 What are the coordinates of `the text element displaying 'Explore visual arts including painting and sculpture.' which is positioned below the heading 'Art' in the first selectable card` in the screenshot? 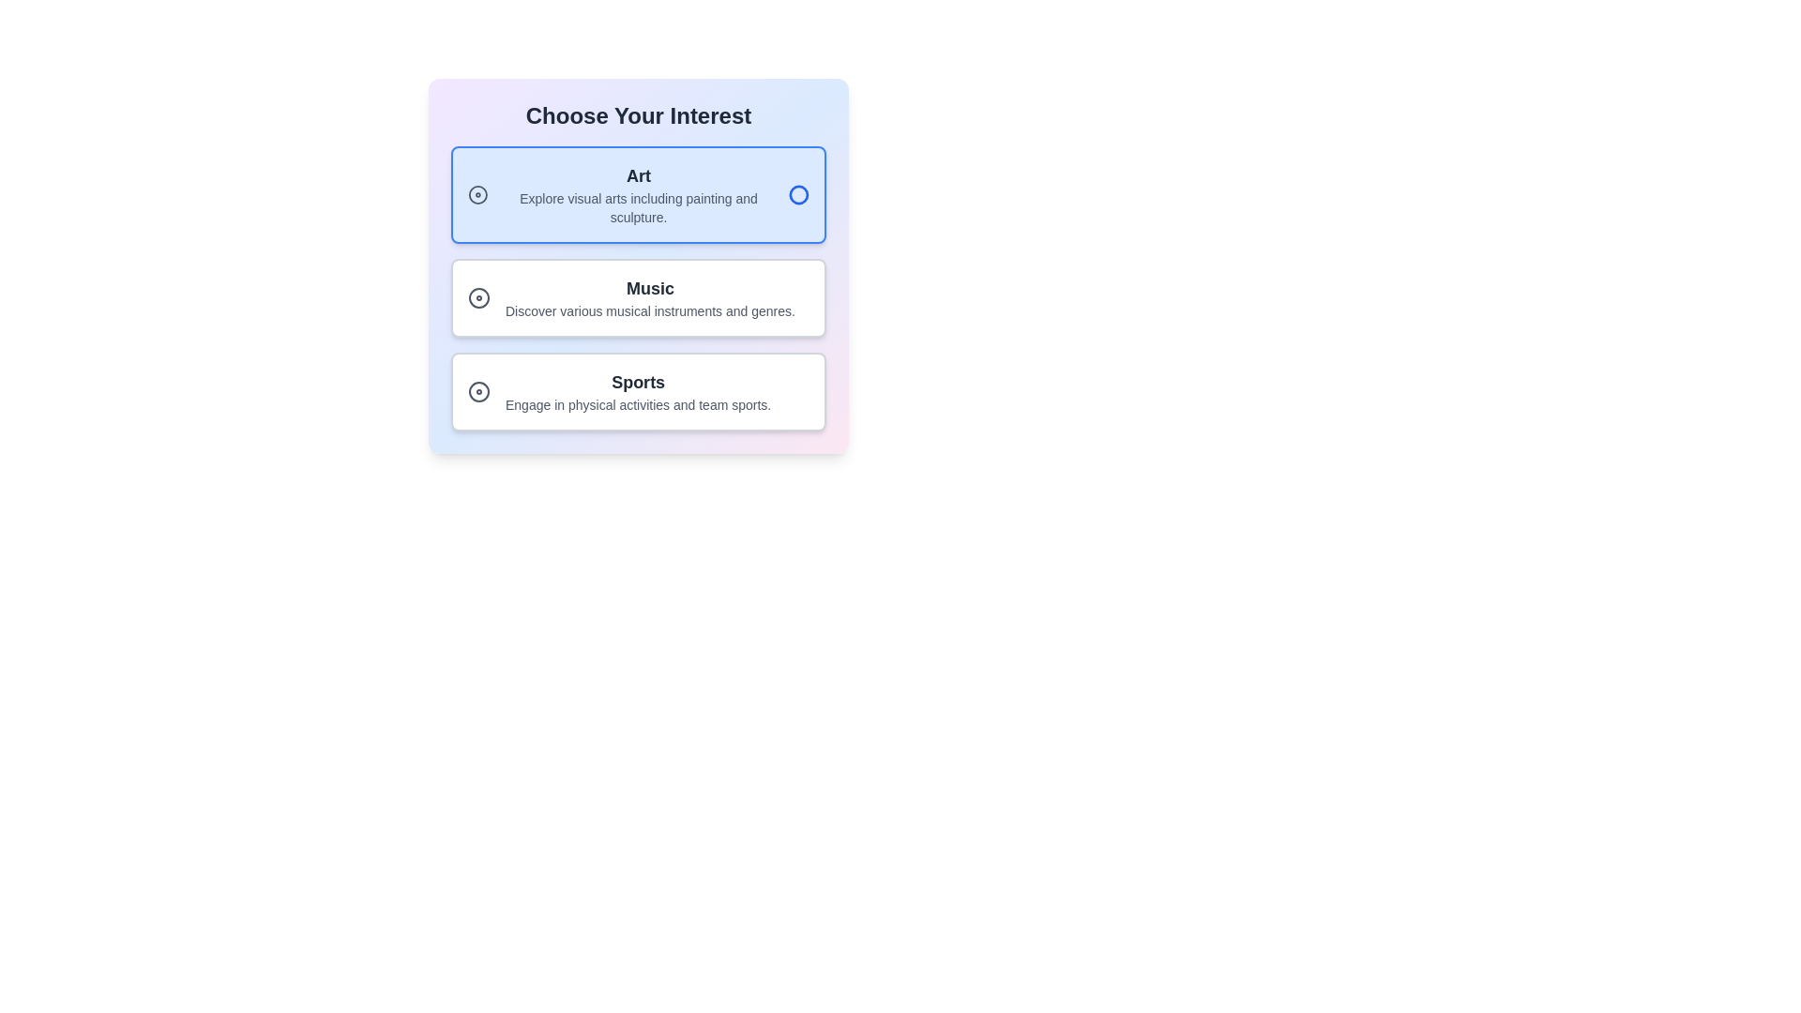 It's located at (639, 208).